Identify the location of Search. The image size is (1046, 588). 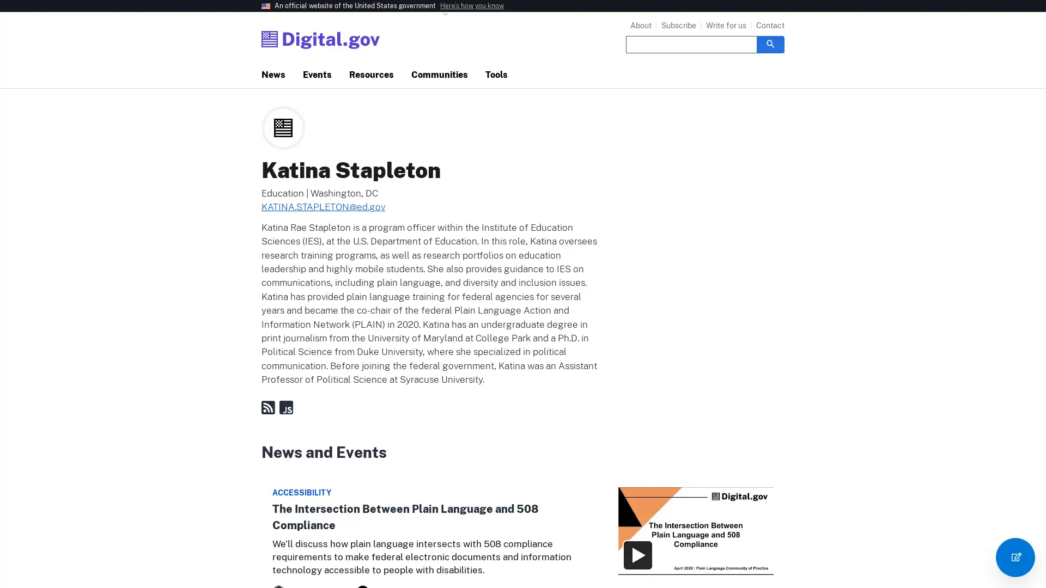
(770, 44).